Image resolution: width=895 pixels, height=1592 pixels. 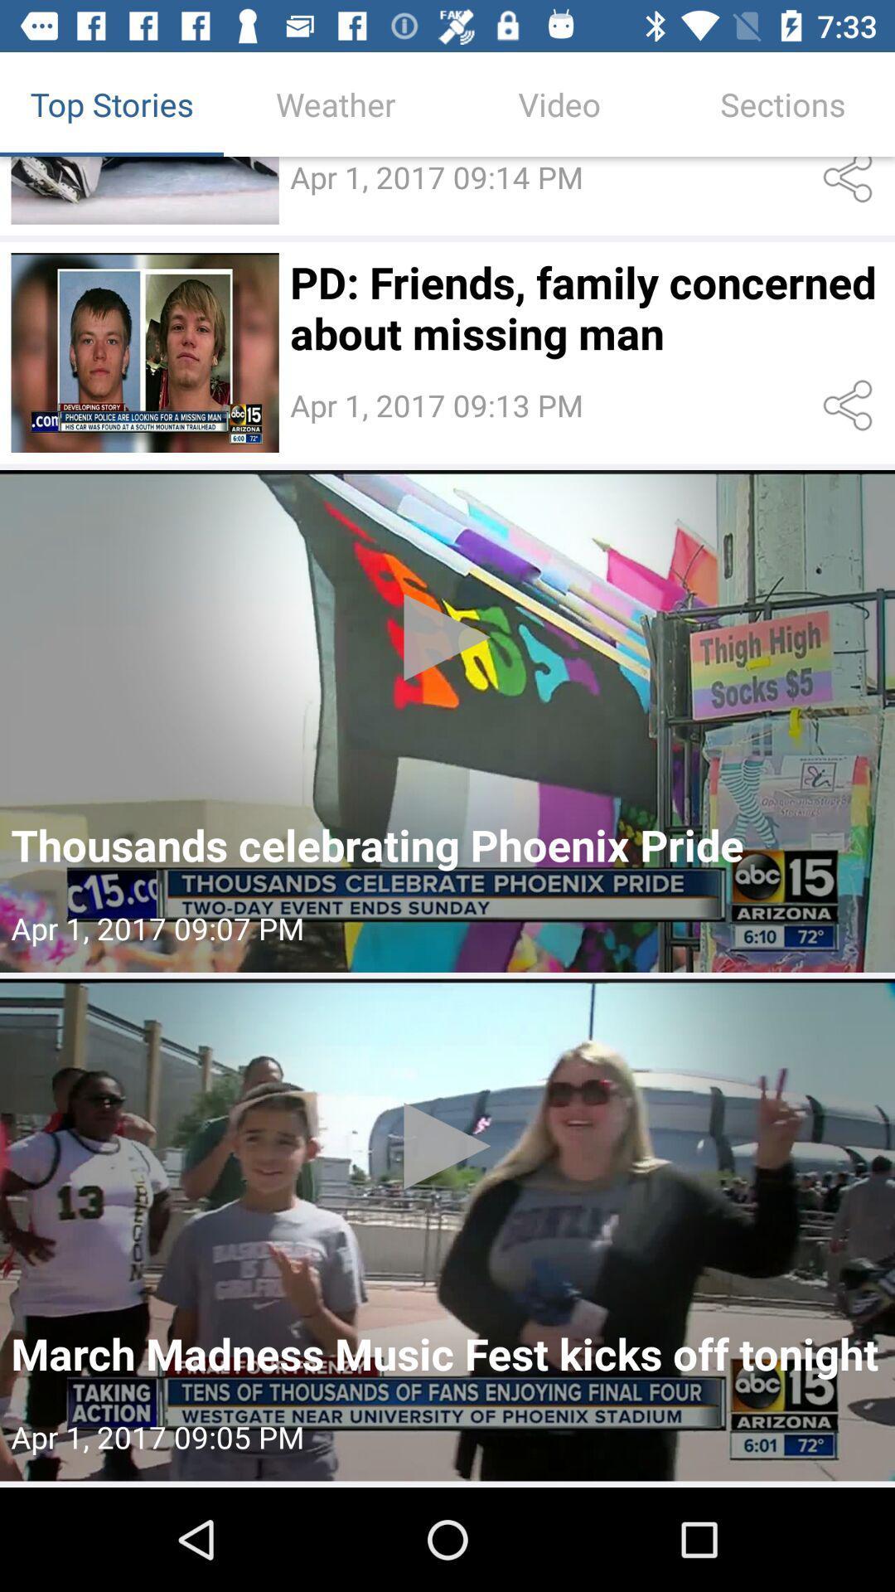 I want to click on new article thousands celebrating phoenix pride, so click(x=447, y=721).